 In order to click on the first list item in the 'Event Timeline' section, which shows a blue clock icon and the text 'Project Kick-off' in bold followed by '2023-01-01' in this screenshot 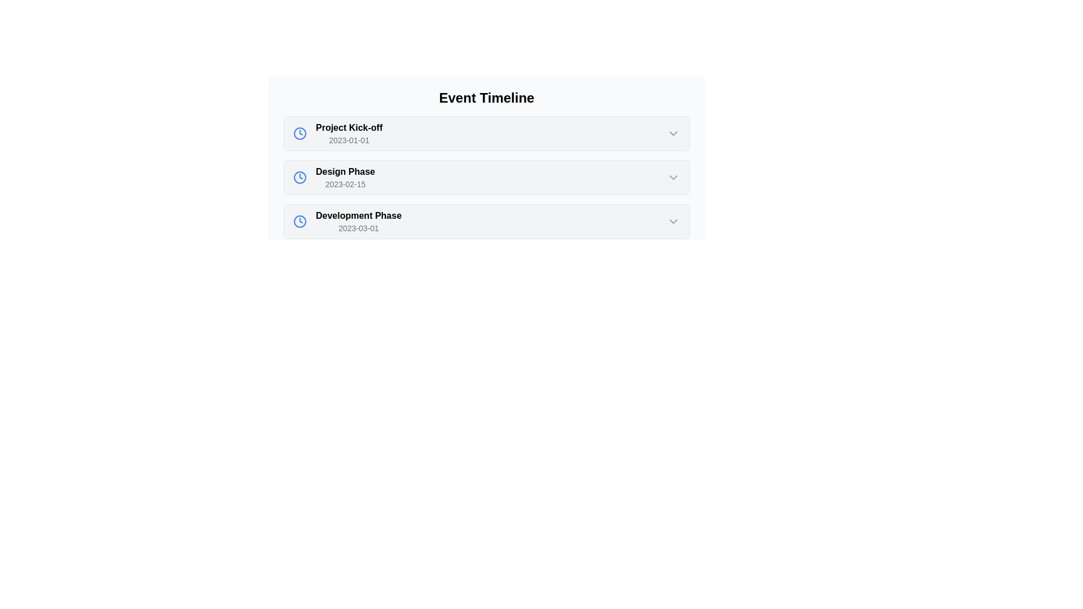, I will do `click(337, 133)`.